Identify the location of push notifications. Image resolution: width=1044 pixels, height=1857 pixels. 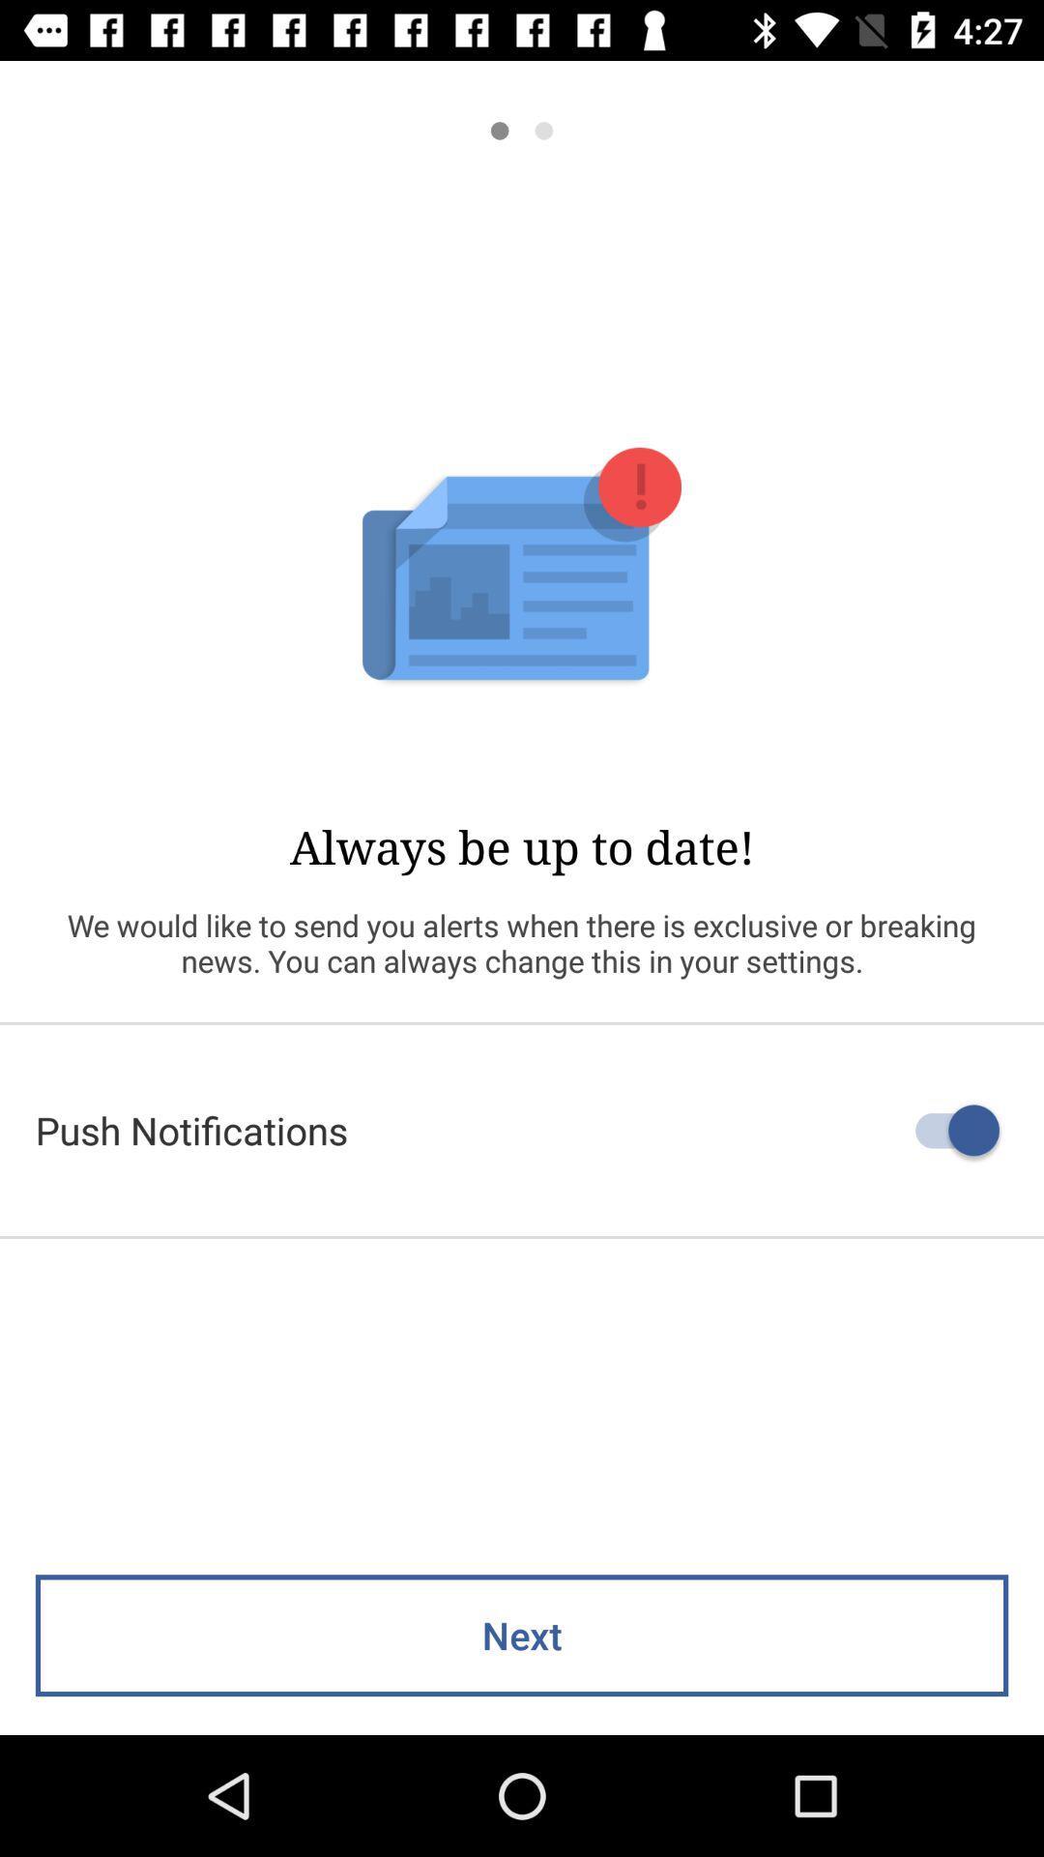
(522, 1130).